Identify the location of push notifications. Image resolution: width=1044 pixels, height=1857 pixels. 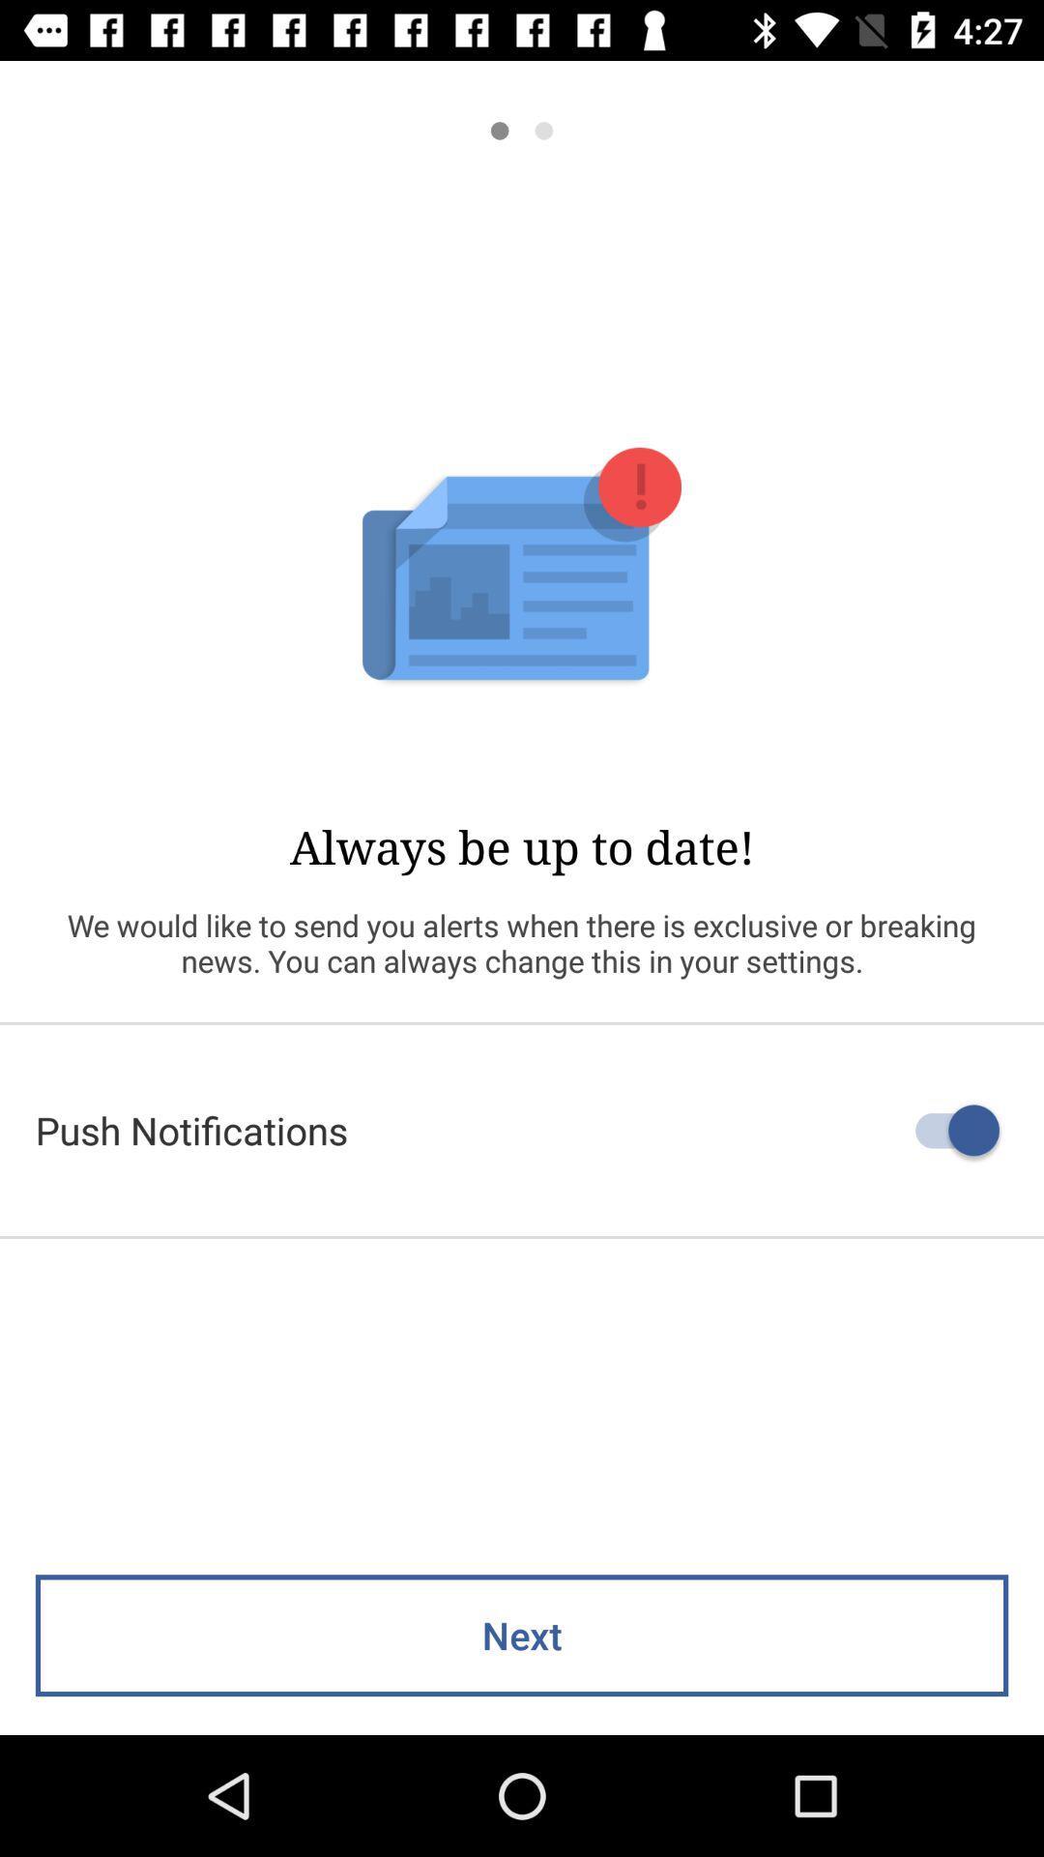
(522, 1130).